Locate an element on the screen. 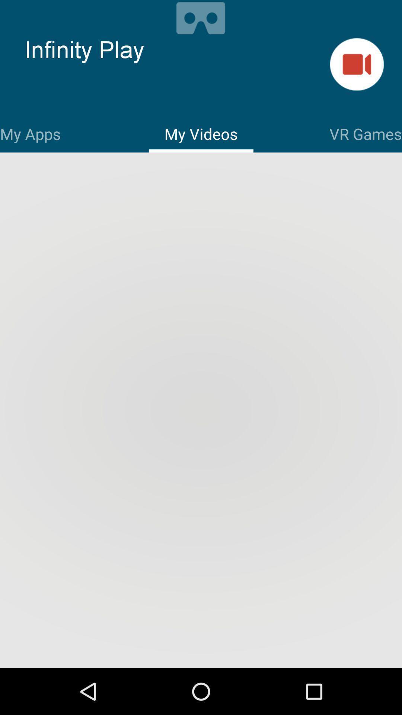 Image resolution: width=402 pixels, height=715 pixels. record a video is located at coordinates (356, 64).